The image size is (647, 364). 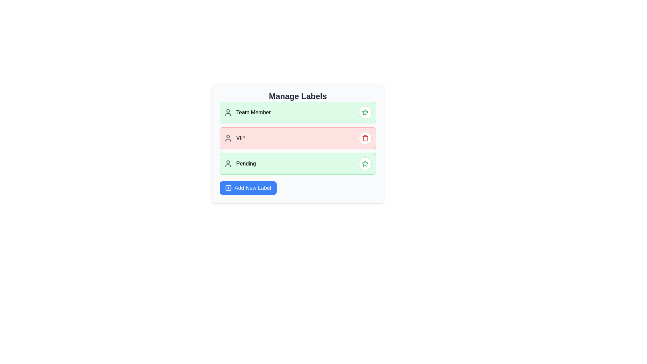 What do you see at coordinates (248, 188) in the screenshot?
I see `the 'Add New Label' button with a blue background and white text via keyboard navigation` at bounding box center [248, 188].